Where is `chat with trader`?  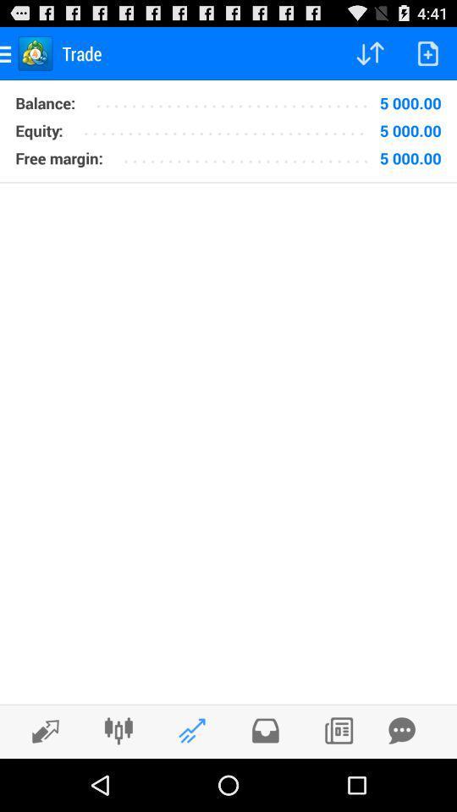 chat with trader is located at coordinates (401, 730).